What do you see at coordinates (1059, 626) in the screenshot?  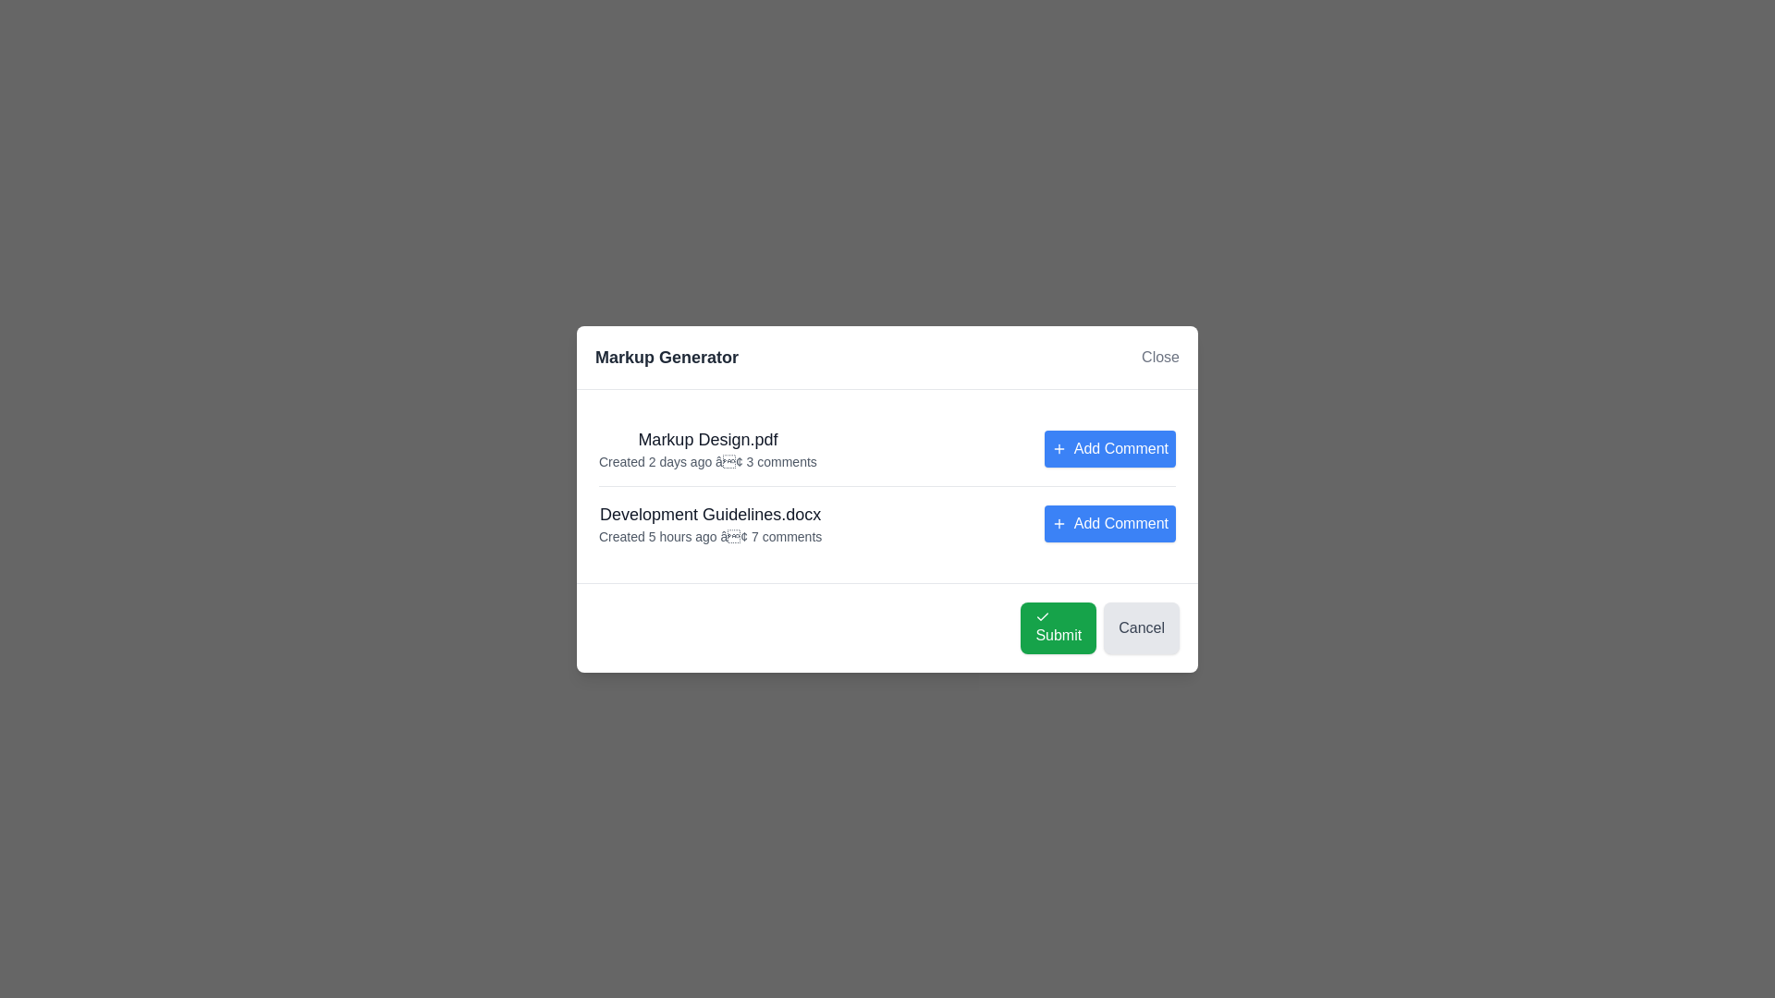 I see `the 'Submit' button to confirm the action` at bounding box center [1059, 626].